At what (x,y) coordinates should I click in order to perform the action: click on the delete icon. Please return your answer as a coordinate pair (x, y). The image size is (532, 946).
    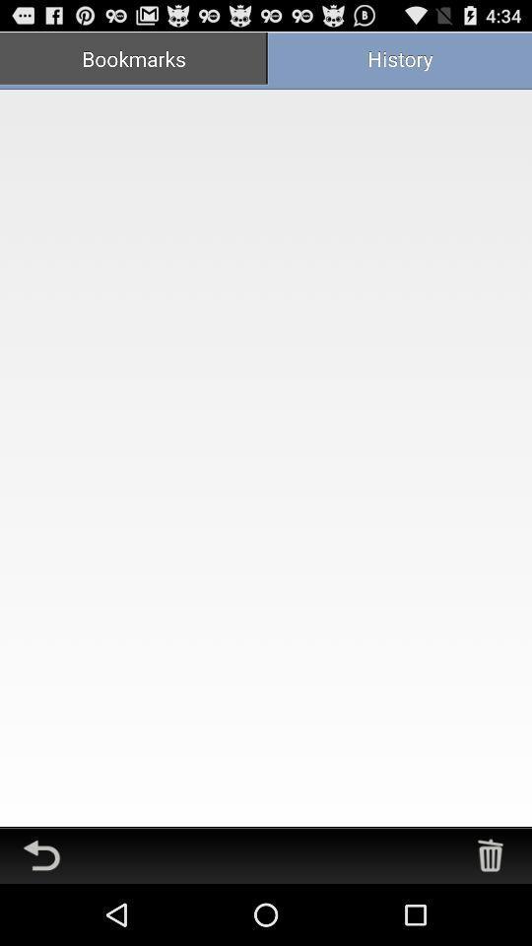
    Looking at the image, I should click on (489, 915).